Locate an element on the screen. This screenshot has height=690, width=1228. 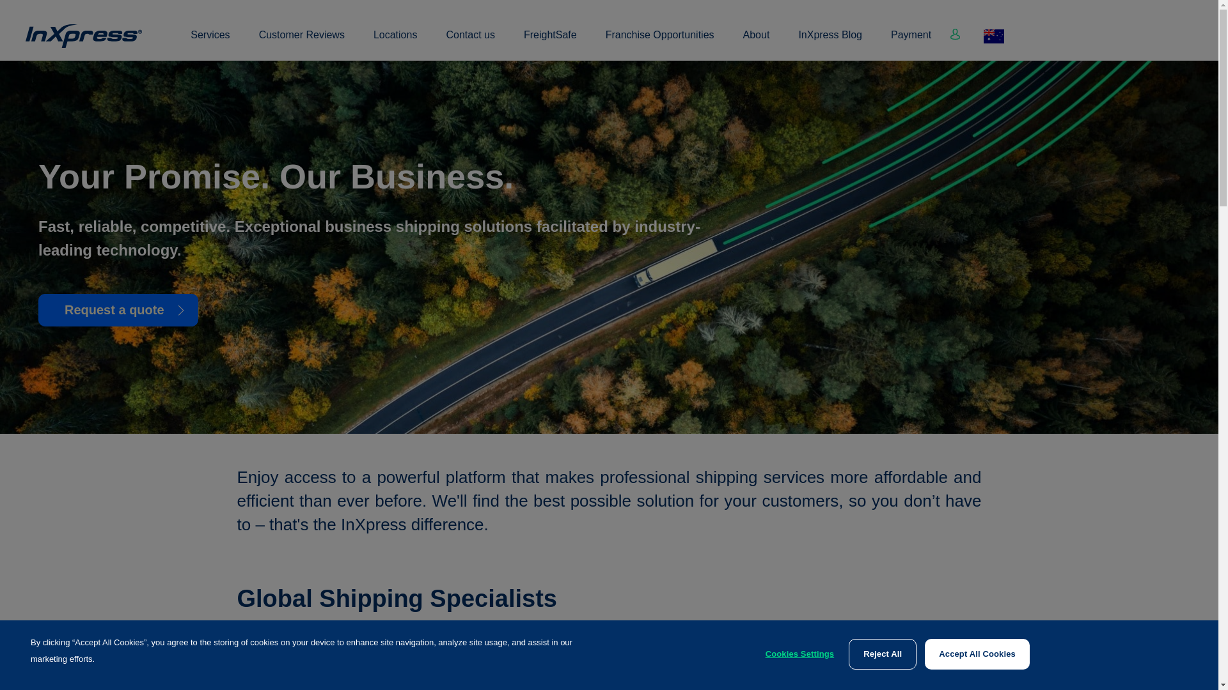
'Franchise Opportunities' is located at coordinates (604, 42).